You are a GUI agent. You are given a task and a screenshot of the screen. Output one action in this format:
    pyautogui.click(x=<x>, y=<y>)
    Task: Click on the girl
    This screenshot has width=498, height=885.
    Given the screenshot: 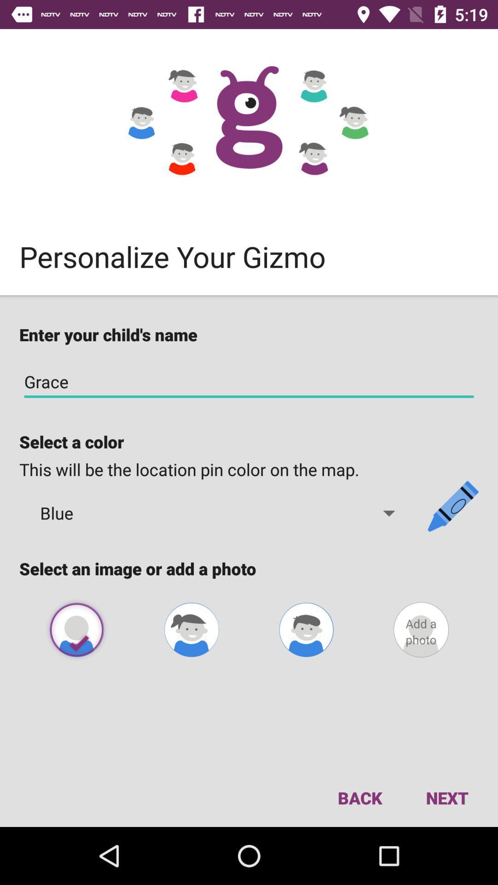 What is the action you would take?
    pyautogui.click(x=191, y=629)
    